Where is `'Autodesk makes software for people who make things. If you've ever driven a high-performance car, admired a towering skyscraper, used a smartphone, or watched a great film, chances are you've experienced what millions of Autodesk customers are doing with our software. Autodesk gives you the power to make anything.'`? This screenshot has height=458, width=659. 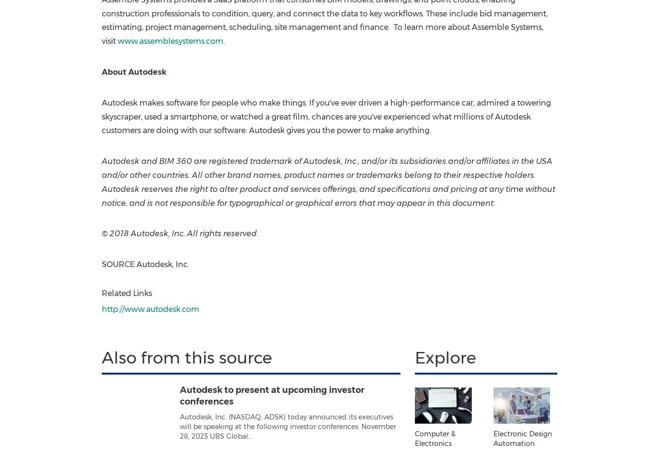
'Autodesk makes software for people who make things. If you've ever driven a high-performance car, admired a towering skyscraper, used a smartphone, or watched a great film, chances are you've experienced what millions of Autodesk customers are doing with our software. Autodesk gives you the power to make anything.' is located at coordinates (100, 116).